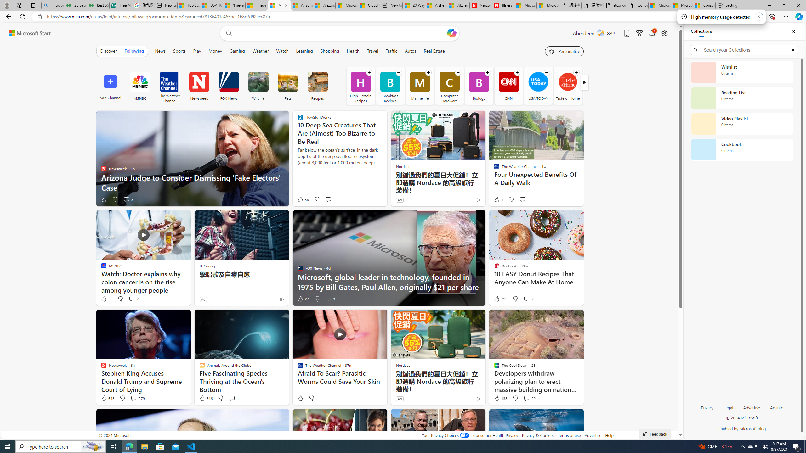 The width and height of the screenshot is (806, 453). Describe the element at coordinates (728, 410) in the screenshot. I see `'Legal'` at that location.